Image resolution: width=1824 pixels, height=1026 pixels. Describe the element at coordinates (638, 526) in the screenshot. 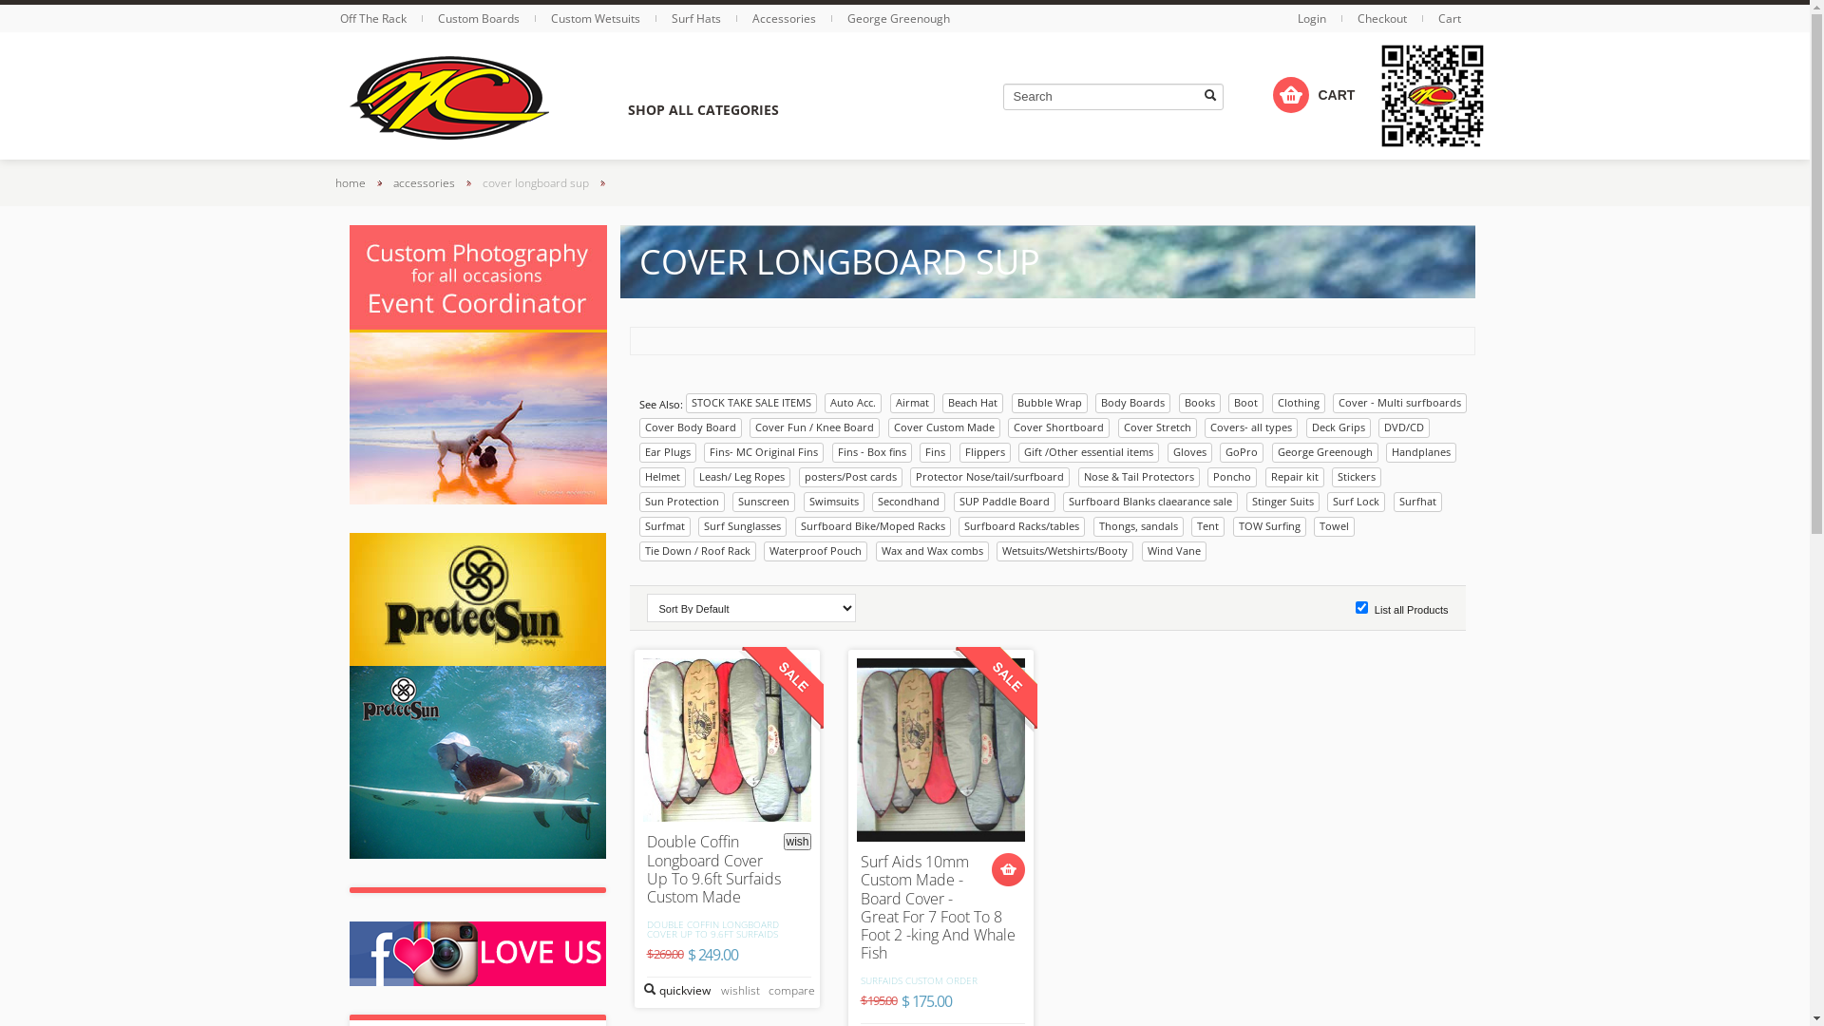

I see `'Surfmat'` at that location.